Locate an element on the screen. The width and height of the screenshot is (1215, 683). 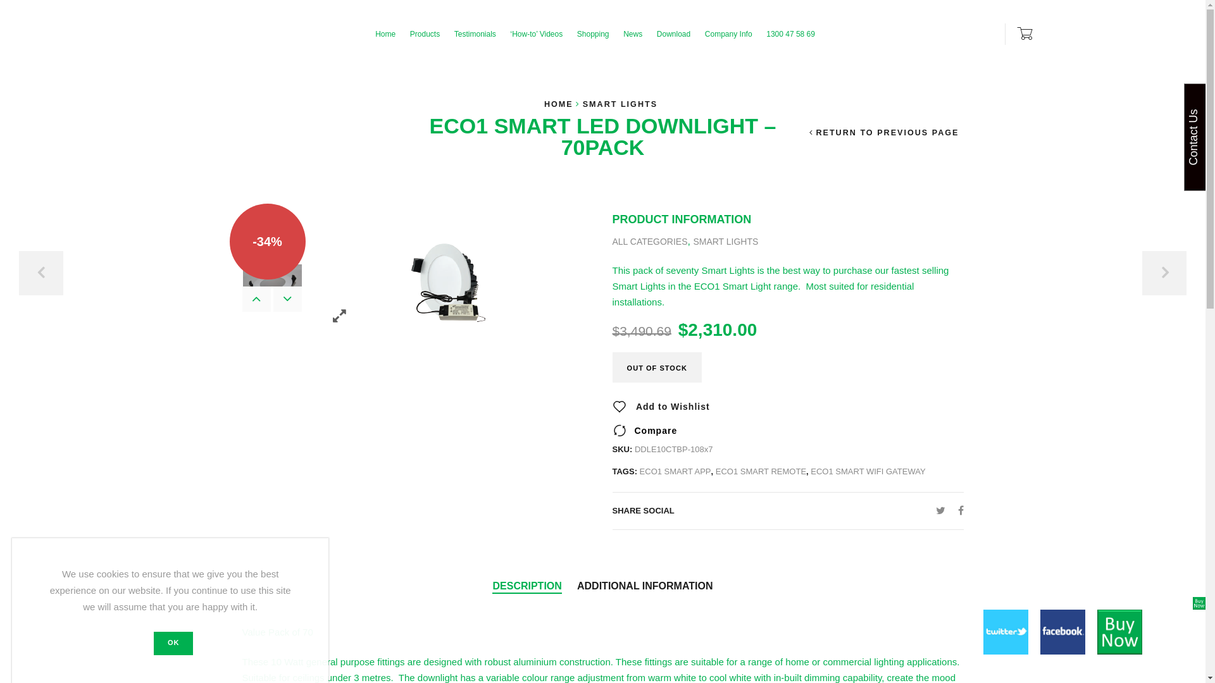
'Shopping' is located at coordinates (592, 34).